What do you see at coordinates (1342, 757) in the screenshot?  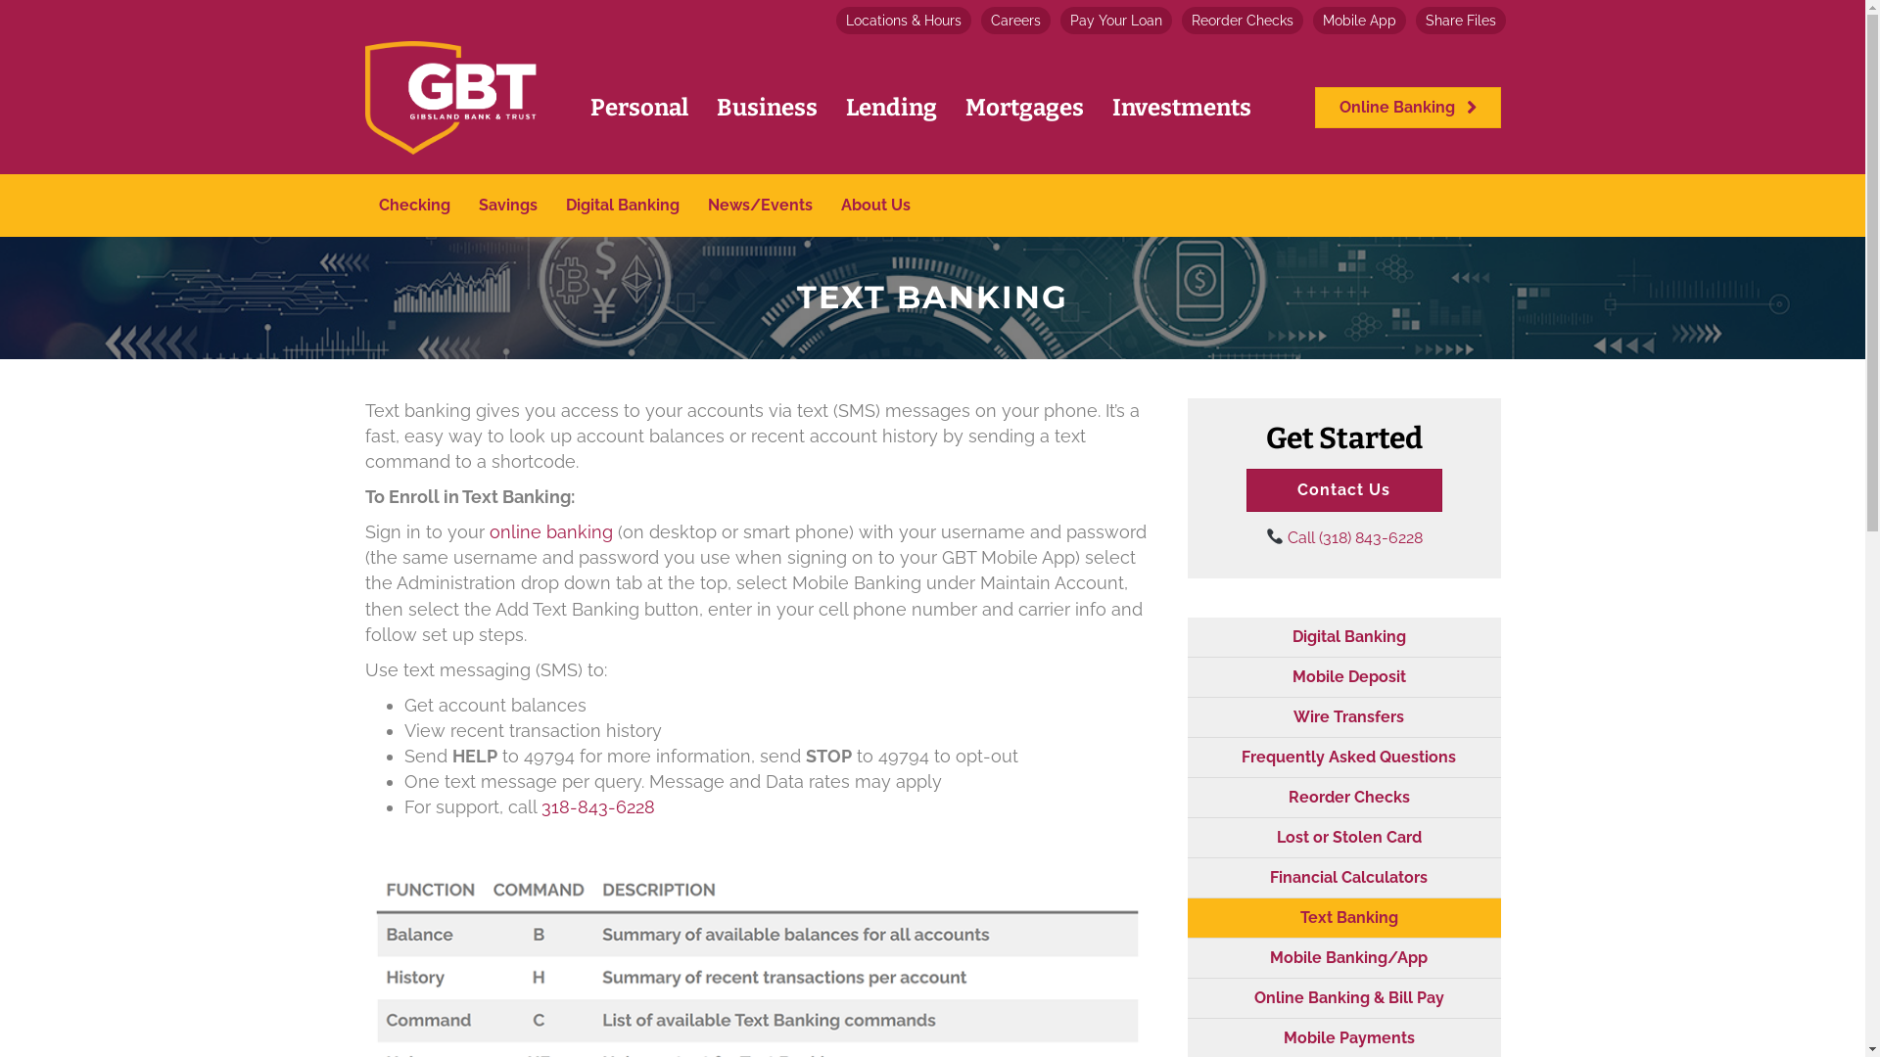 I see `'Frequently Asked Questions'` at bounding box center [1342, 757].